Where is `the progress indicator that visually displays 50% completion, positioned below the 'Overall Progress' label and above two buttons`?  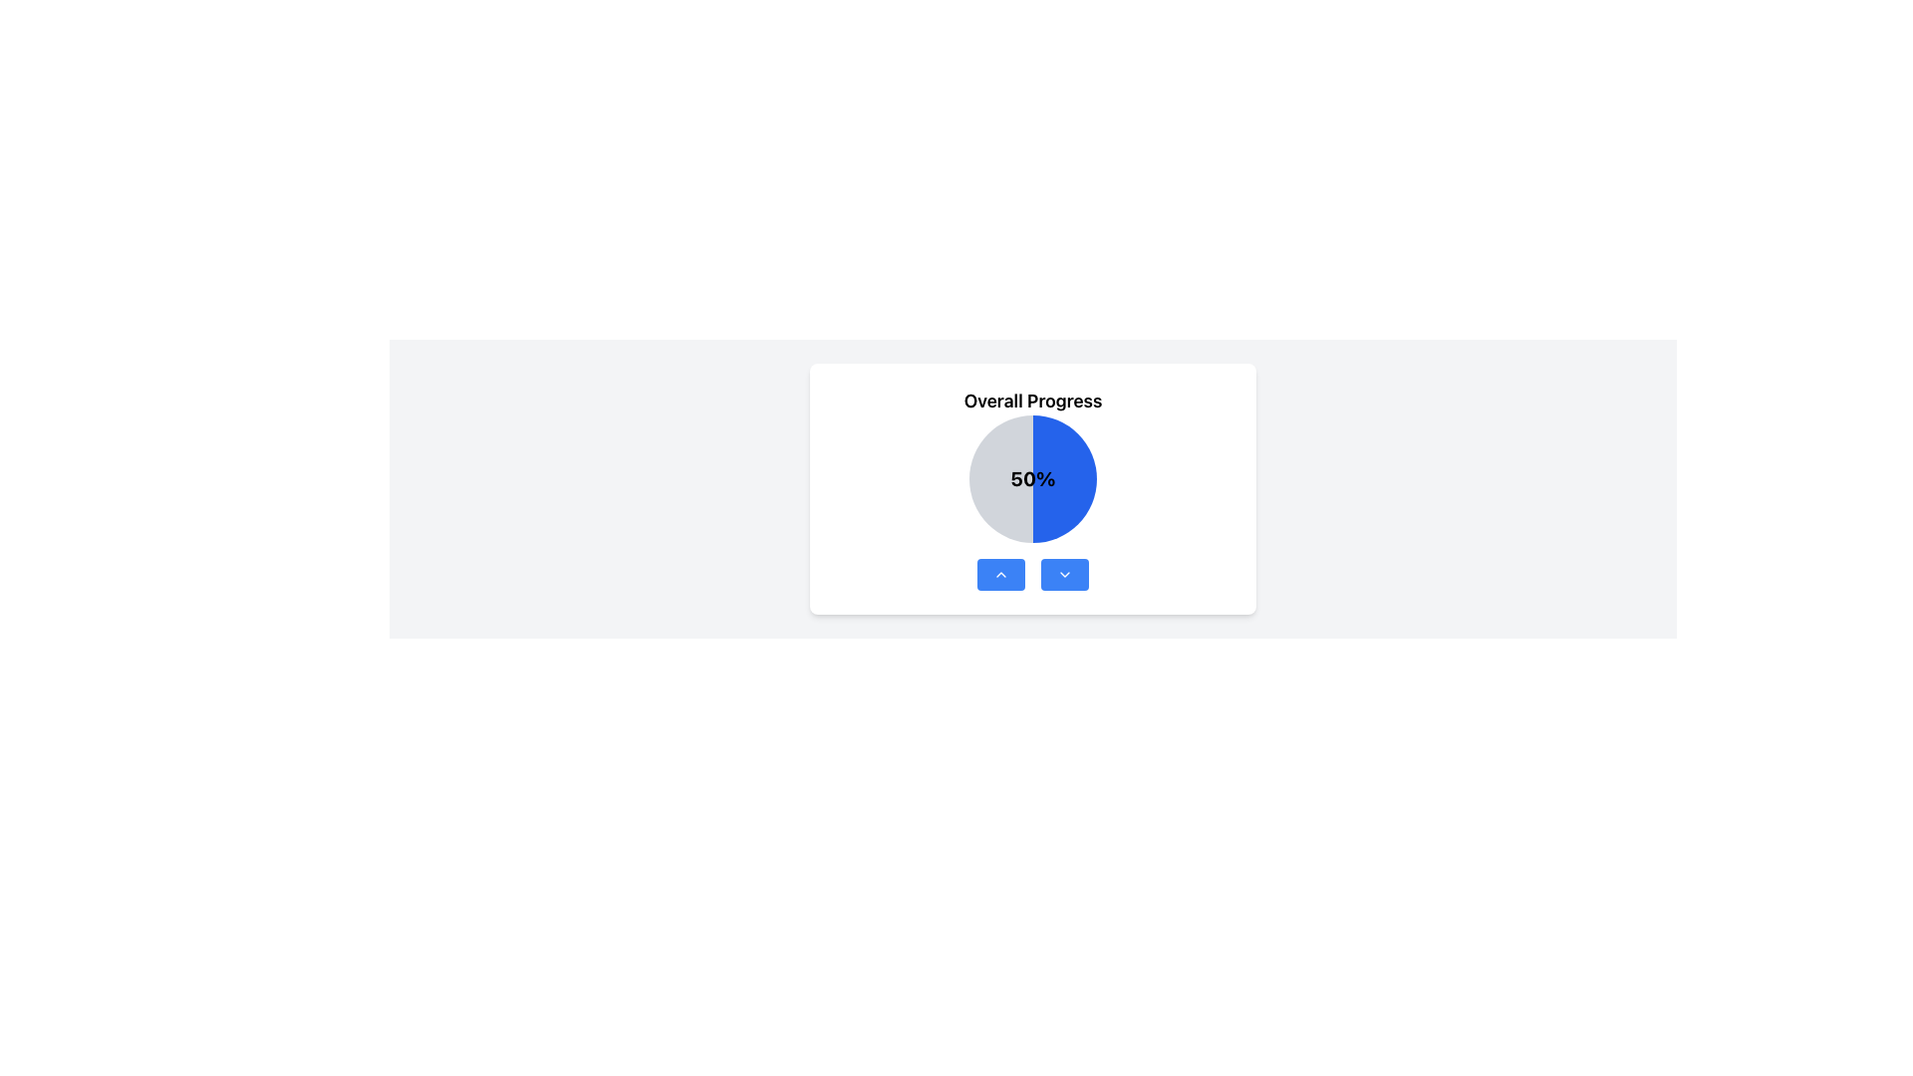
the progress indicator that visually displays 50% completion, positioned below the 'Overall Progress' label and above two buttons is located at coordinates (1032, 479).